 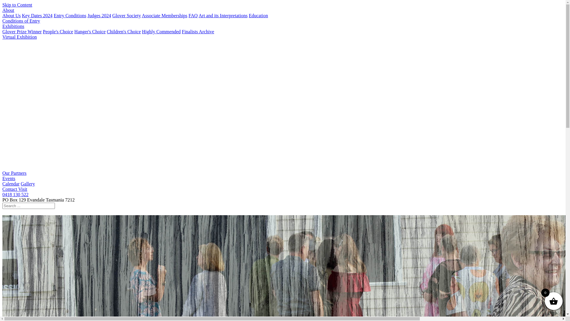 What do you see at coordinates (9, 178) in the screenshot?
I see `'Events'` at bounding box center [9, 178].